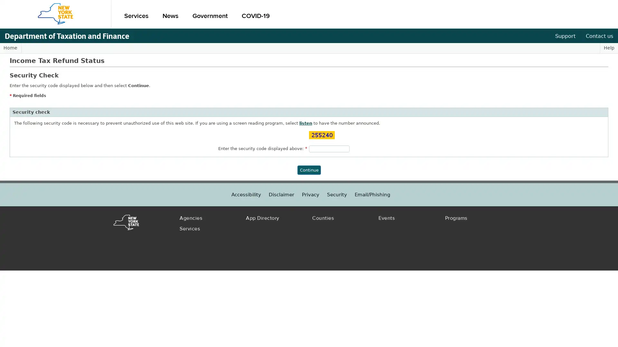  What do you see at coordinates (309, 169) in the screenshot?
I see `Continue` at bounding box center [309, 169].